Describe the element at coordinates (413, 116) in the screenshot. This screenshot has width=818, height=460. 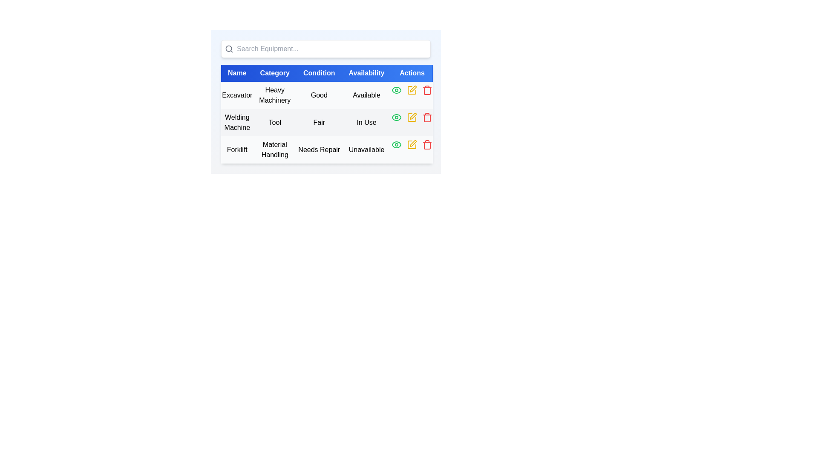
I see `the yellow pen icon in the Actions column of the second row for the Welding Machine entry` at that location.